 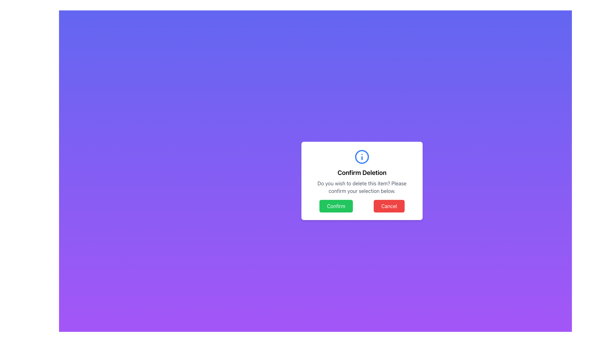 I want to click on the 'Cancel' button with a red background and white text, so click(x=389, y=206).